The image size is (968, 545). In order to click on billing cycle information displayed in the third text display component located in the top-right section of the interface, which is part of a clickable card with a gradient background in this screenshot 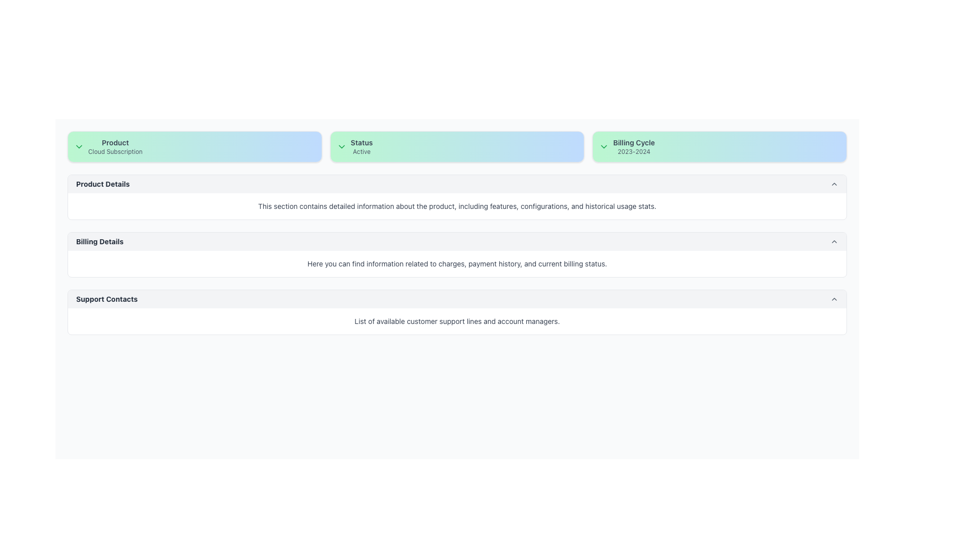, I will do `click(633, 146)`.